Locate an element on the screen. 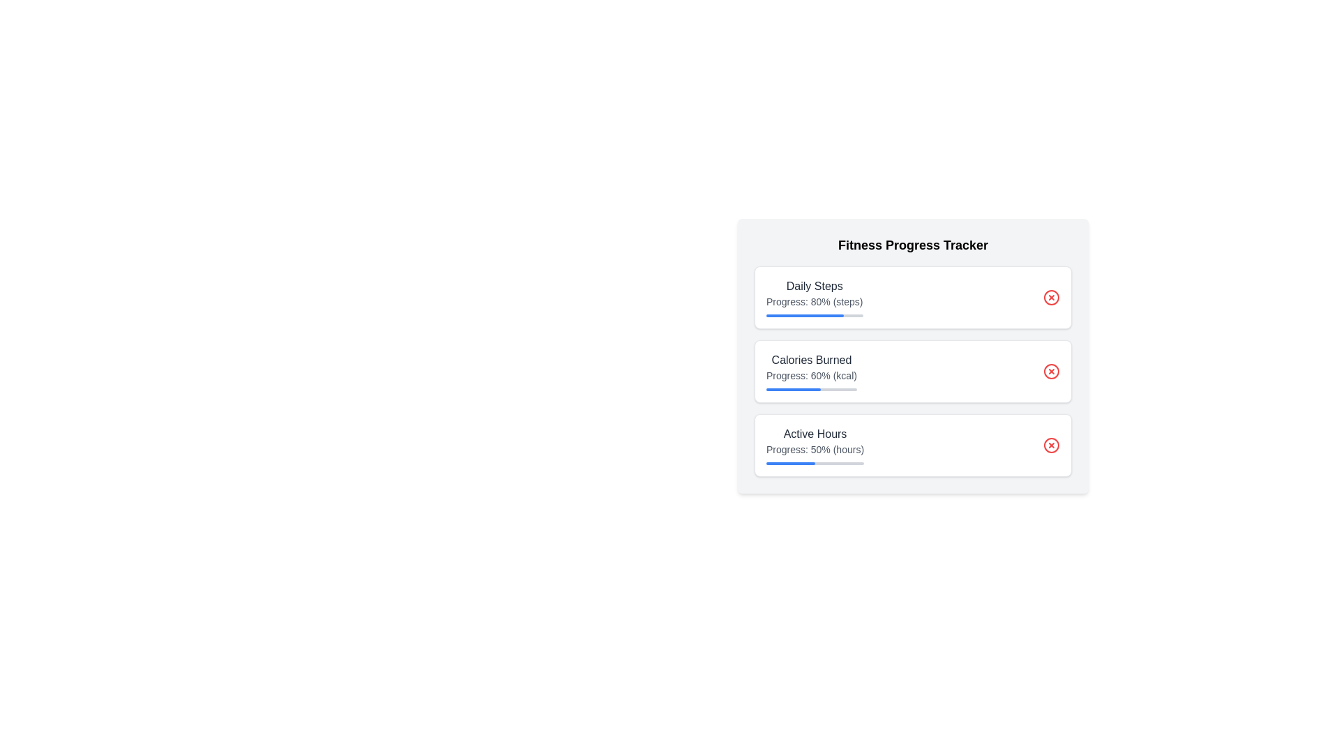 The height and width of the screenshot is (753, 1339). the circular SVG element that represents the delete button for the 'Calories Burned' entry in the fitness progress tracker is located at coordinates (1051, 370).